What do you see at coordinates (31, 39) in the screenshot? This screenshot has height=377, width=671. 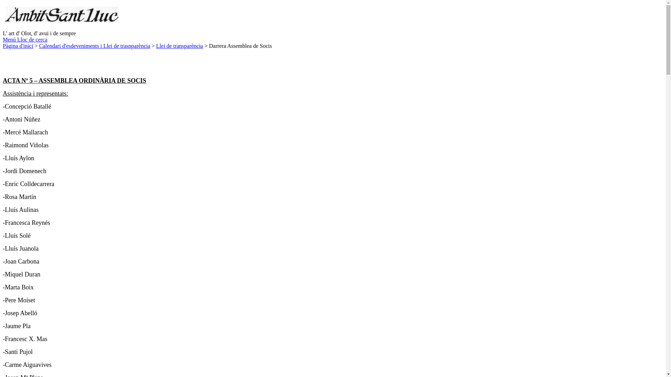 I see `'Lloc de cerca'` at bounding box center [31, 39].